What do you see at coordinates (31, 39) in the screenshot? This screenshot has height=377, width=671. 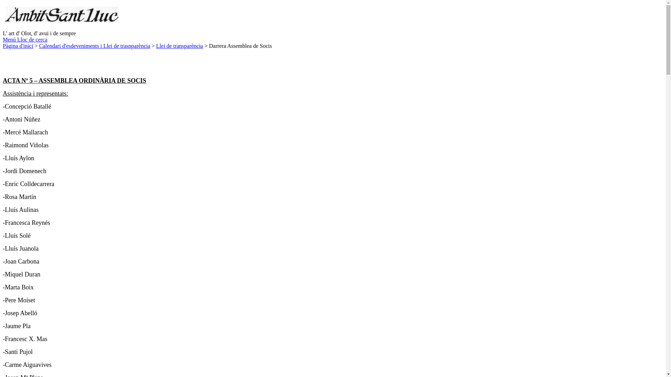 I see `'Lloc de cerca'` at bounding box center [31, 39].